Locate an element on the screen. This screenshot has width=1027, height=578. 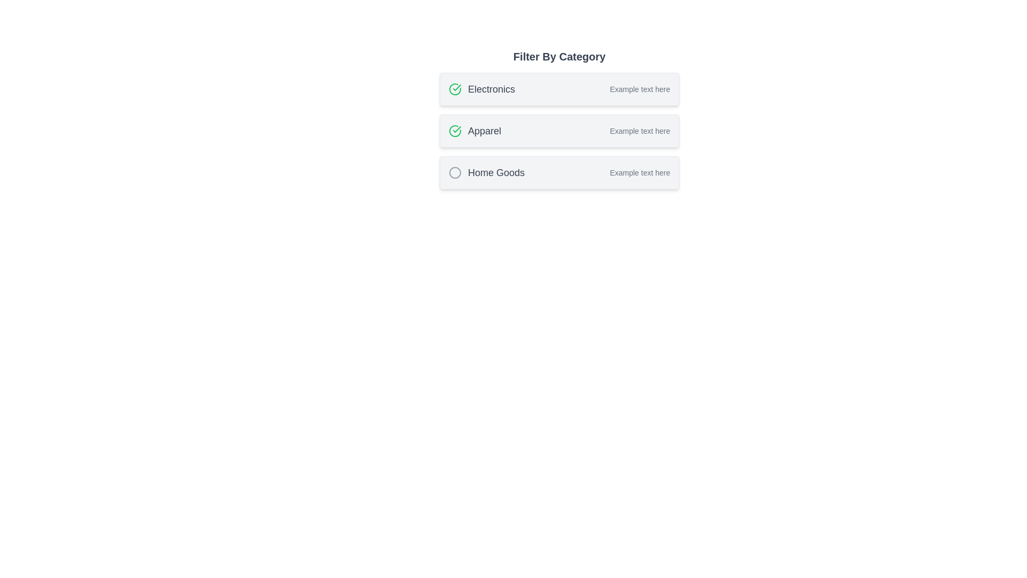
the text label that provides supplementary information for the 'Home Goods' category in the filtering list, located at the bottommost item of the category list is located at coordinates (640, 172).